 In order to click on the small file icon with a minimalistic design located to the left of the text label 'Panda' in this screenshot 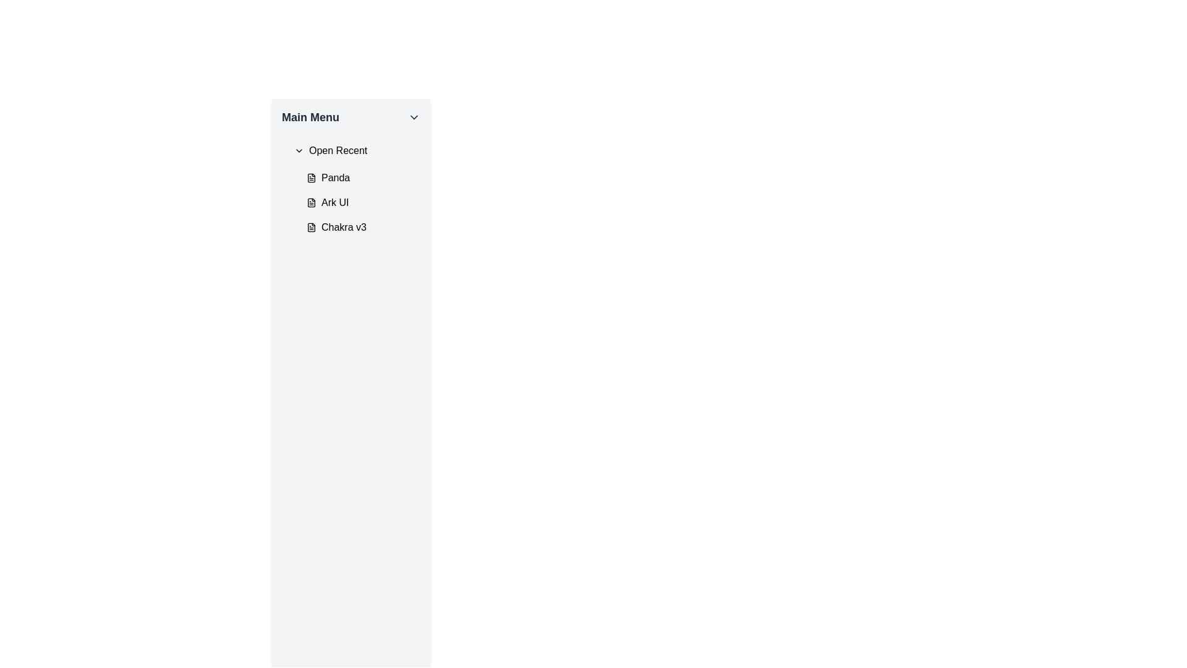, I will do `click(312, 178)`.